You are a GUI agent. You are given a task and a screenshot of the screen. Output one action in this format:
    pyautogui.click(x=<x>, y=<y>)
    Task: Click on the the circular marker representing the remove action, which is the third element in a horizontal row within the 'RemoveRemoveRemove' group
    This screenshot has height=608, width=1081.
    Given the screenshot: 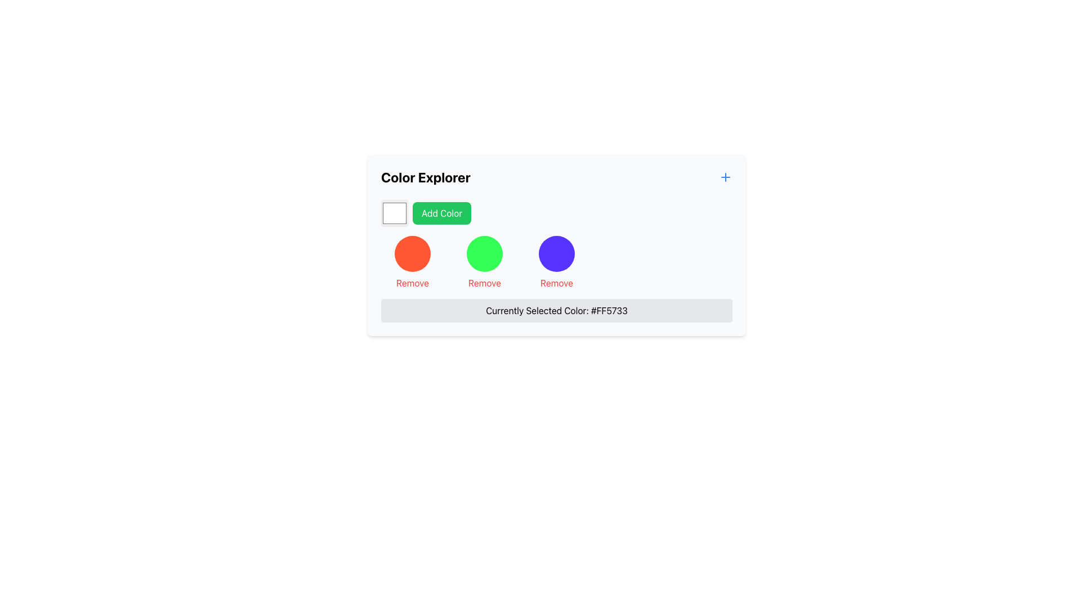 What is the action you would take?
    pyautogui.click(x=556, y=262)
    